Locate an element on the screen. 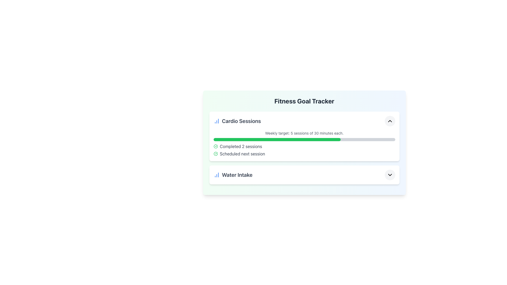  the upward-facing chevron icon within the circular button in the top-right area of the 'Cardio Sessions' card is located at coordinates (390, 121).